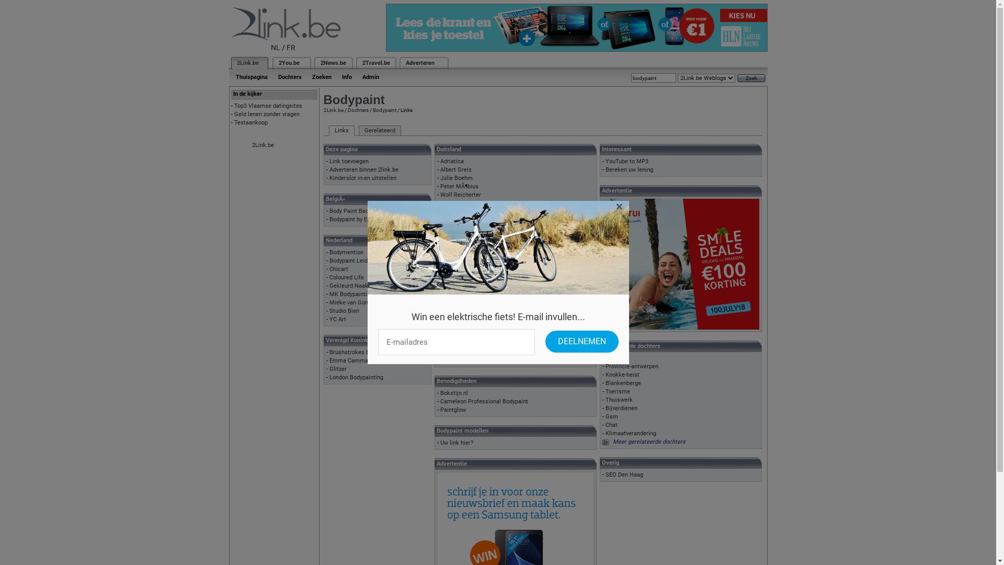  What do you see at coordinates (440, 393) in the screenshot?
I see `'Bokstijn.nl'` at bounding box center [440, 393].